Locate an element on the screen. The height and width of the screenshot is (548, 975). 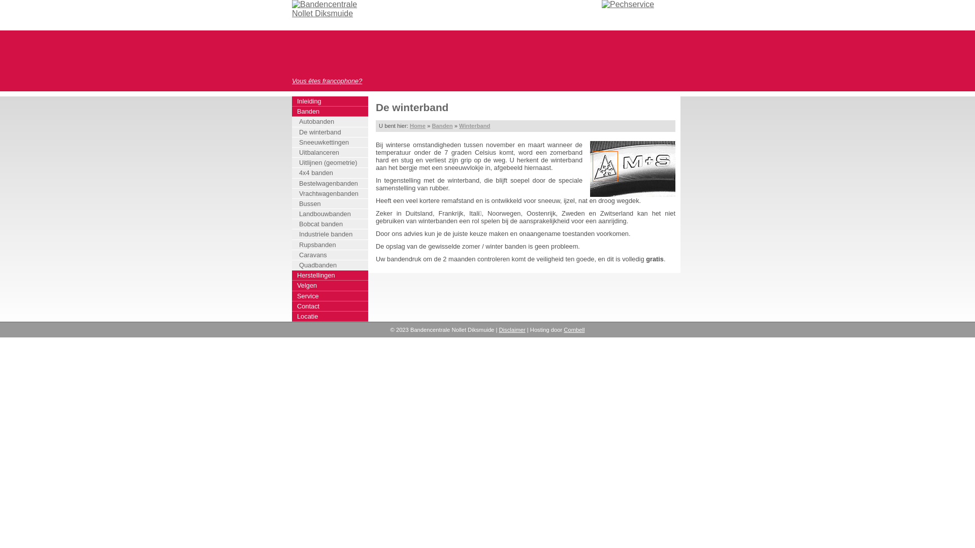
'Combell' is located at coordinates (563, 330).